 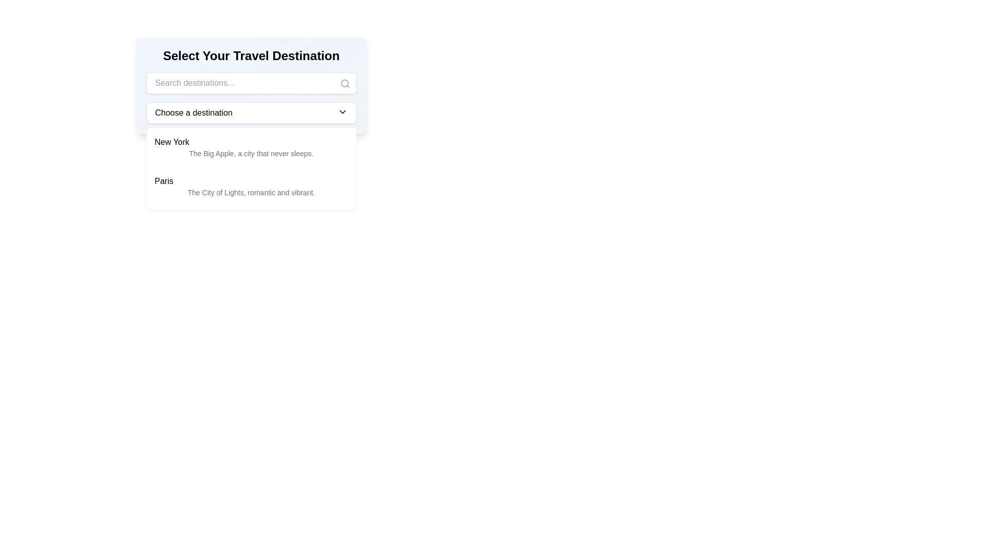 I want to click on the static text label 'New York' located in the dropdown list under the selector 'Choose a destination', so click(x=172, y=142).